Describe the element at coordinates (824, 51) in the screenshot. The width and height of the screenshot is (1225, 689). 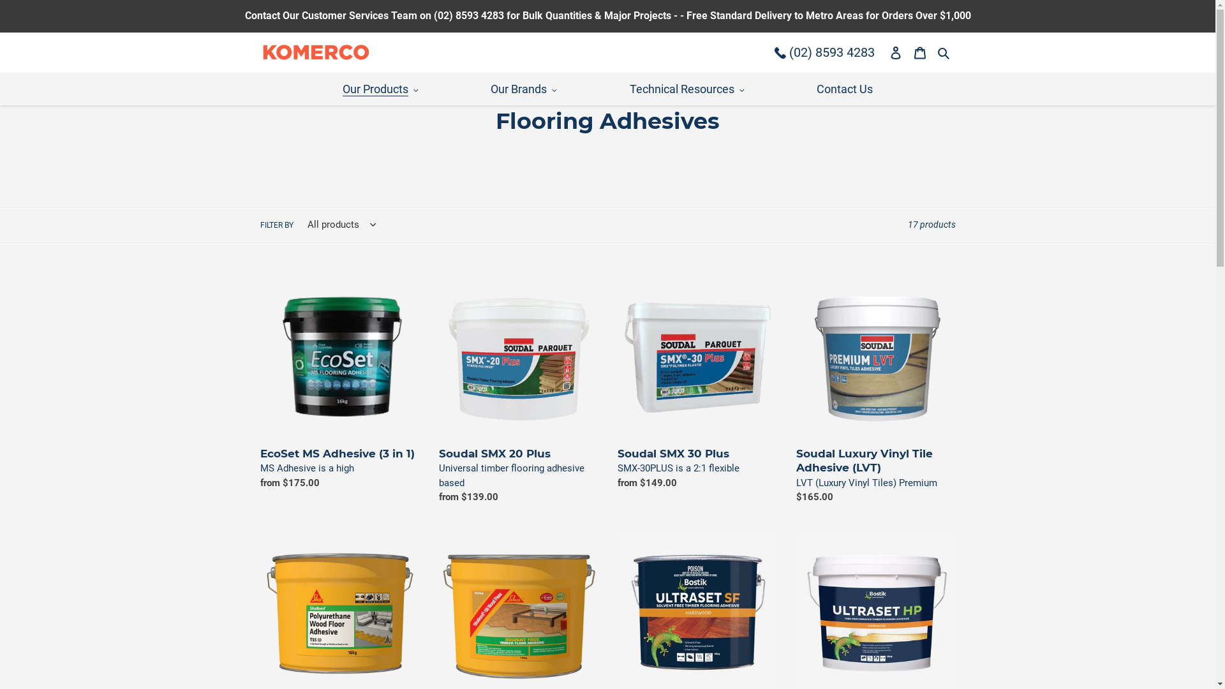
I see `'(02) 8593 4283'` at that location.